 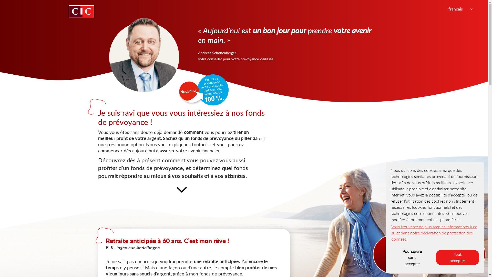 I want to click on 'Tout accepter', so click(x=457, y=257).